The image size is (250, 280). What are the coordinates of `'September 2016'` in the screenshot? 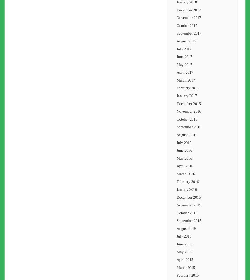 It's located at (176, 127).